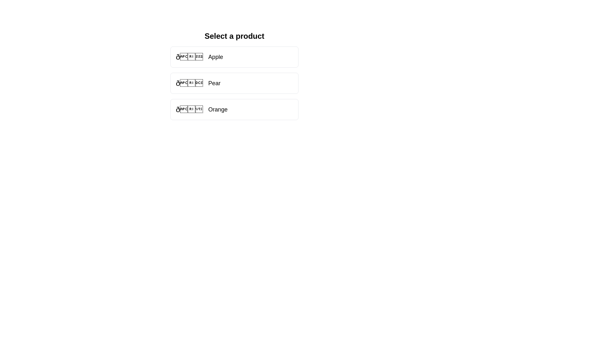  What do you see at coordinates (216, 56) in the screenshot?
I see `text label that specifies the product name 'Apple' in the product selection list, positioned to the right of the apple emoji` at bounding box center [216, 56].